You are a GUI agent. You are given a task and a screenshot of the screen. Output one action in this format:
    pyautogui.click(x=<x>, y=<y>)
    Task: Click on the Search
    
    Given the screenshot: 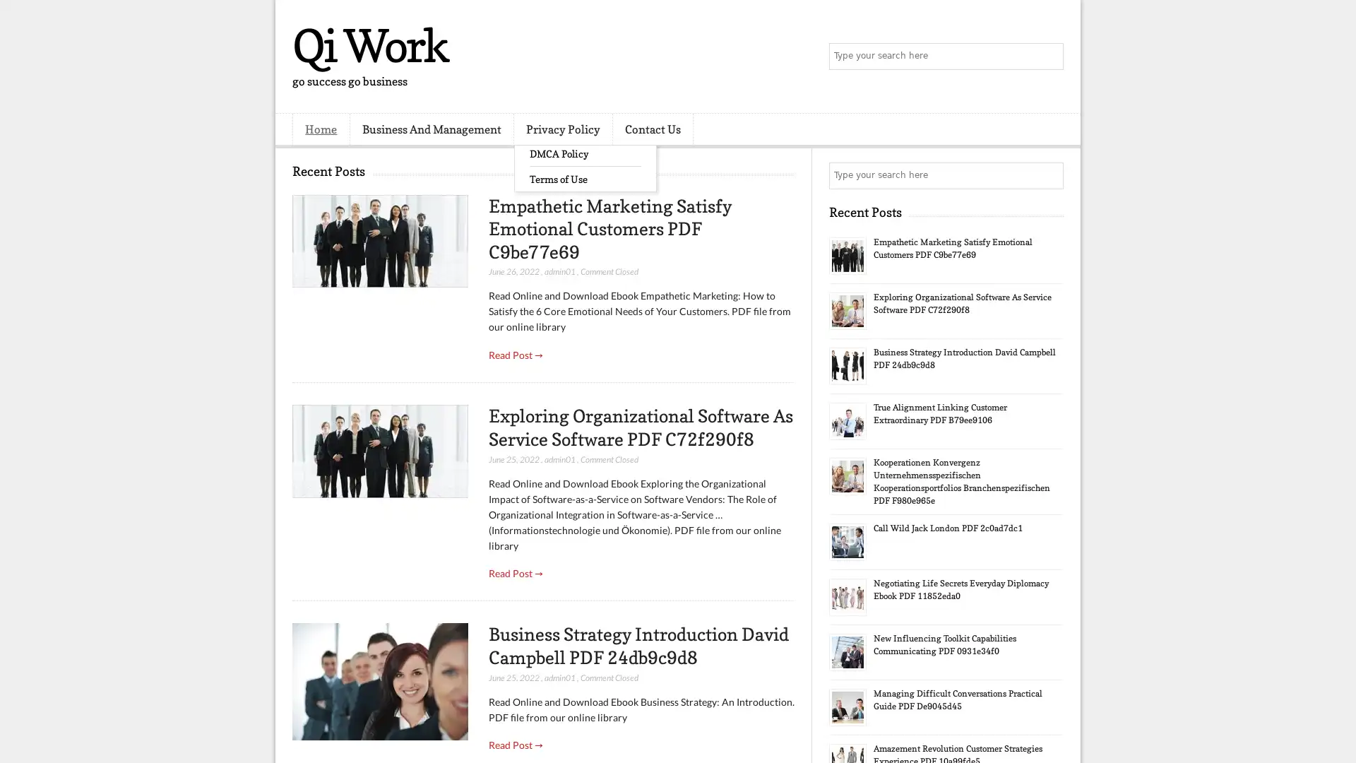 What is the action you would take?
    pyautogui.click(x=1049, y=175)
    